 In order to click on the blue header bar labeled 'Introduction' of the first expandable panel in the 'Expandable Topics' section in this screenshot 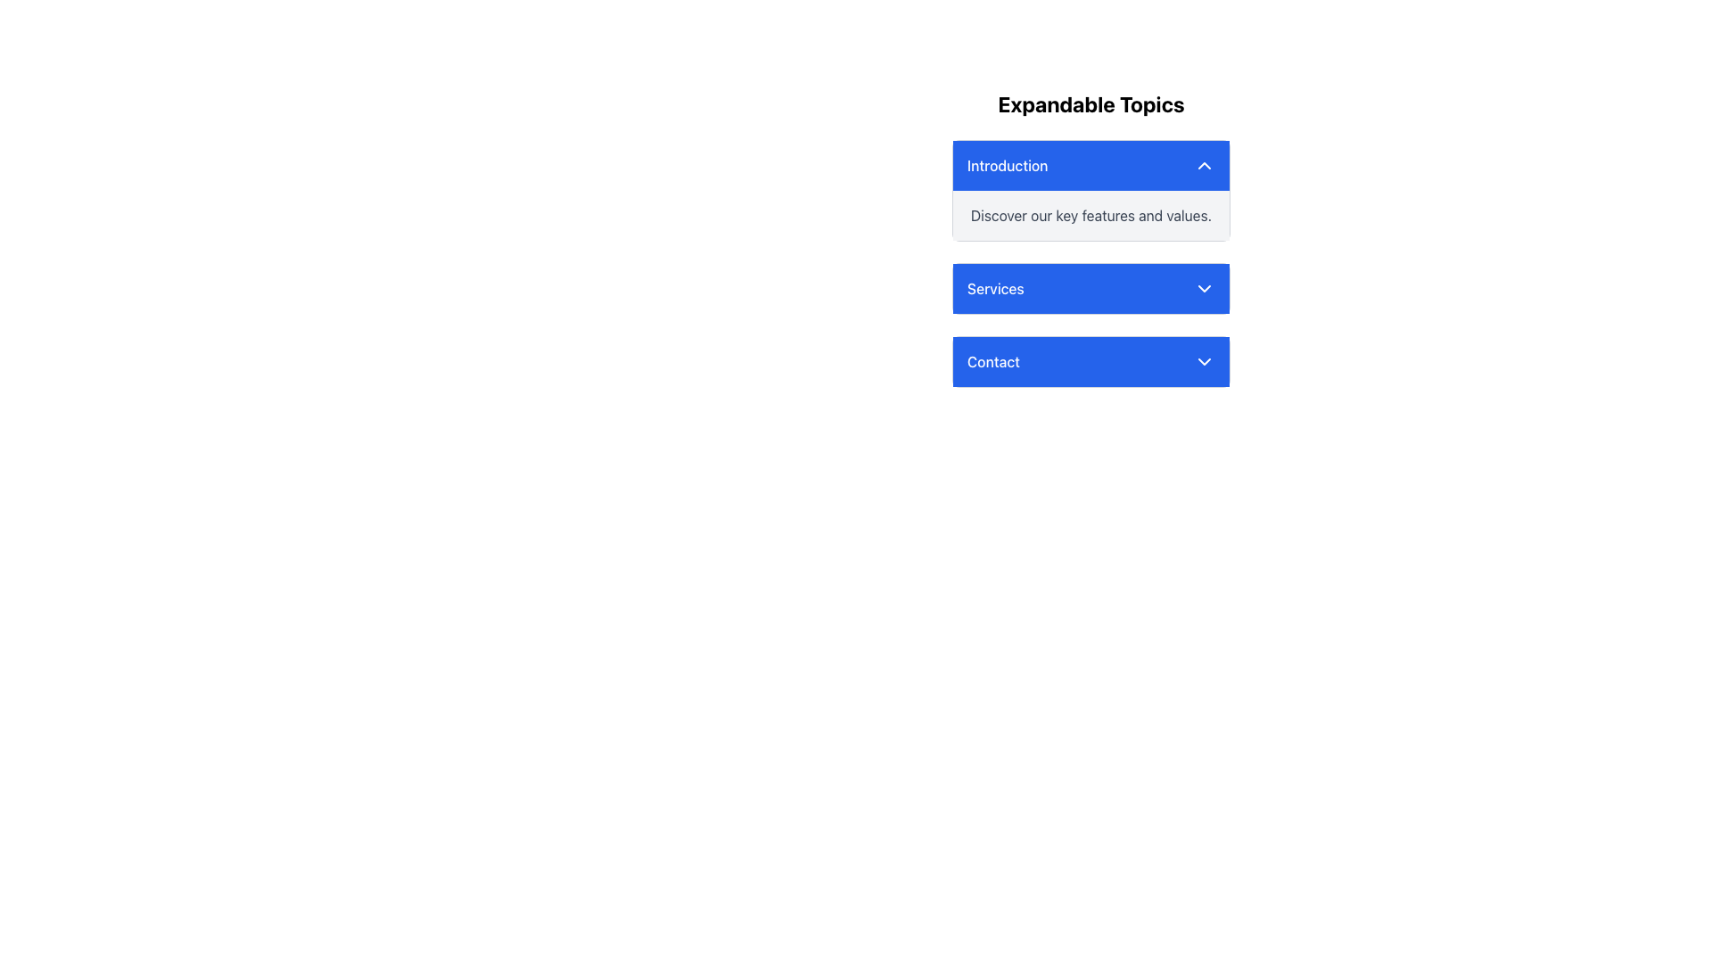, I will do `click(1091, 190)`.